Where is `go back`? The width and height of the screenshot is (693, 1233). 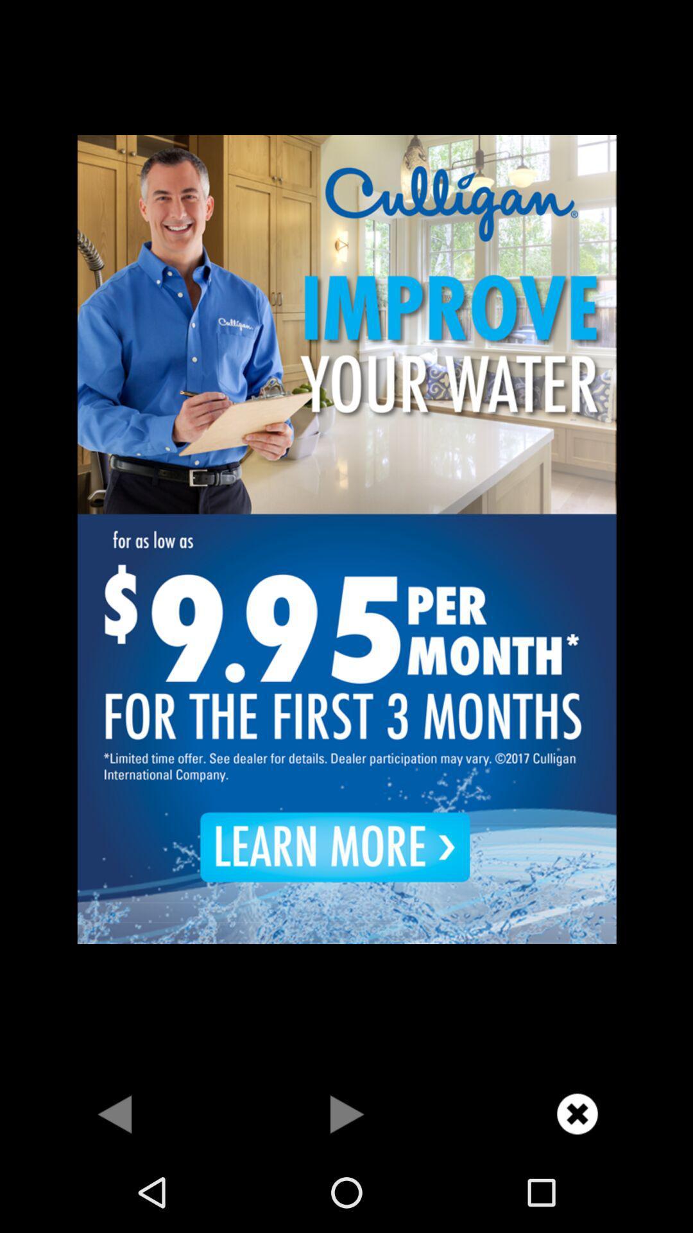 go back is located at coordinates (116, 1113).